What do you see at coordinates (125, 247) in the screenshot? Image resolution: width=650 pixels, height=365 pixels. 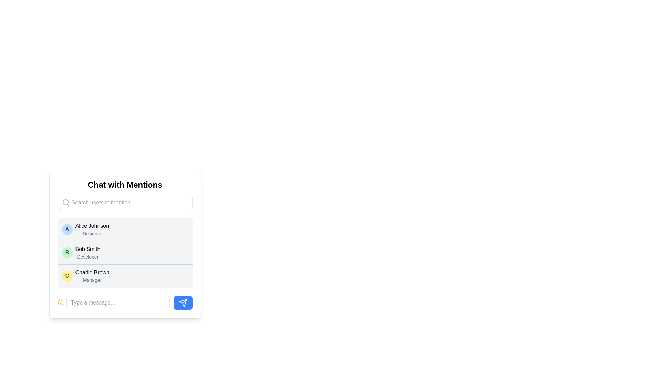 I see `the list item for 'Bob Smith', styled with a light background and a green circle displaying 'B'` at bounding box center [125, 247].